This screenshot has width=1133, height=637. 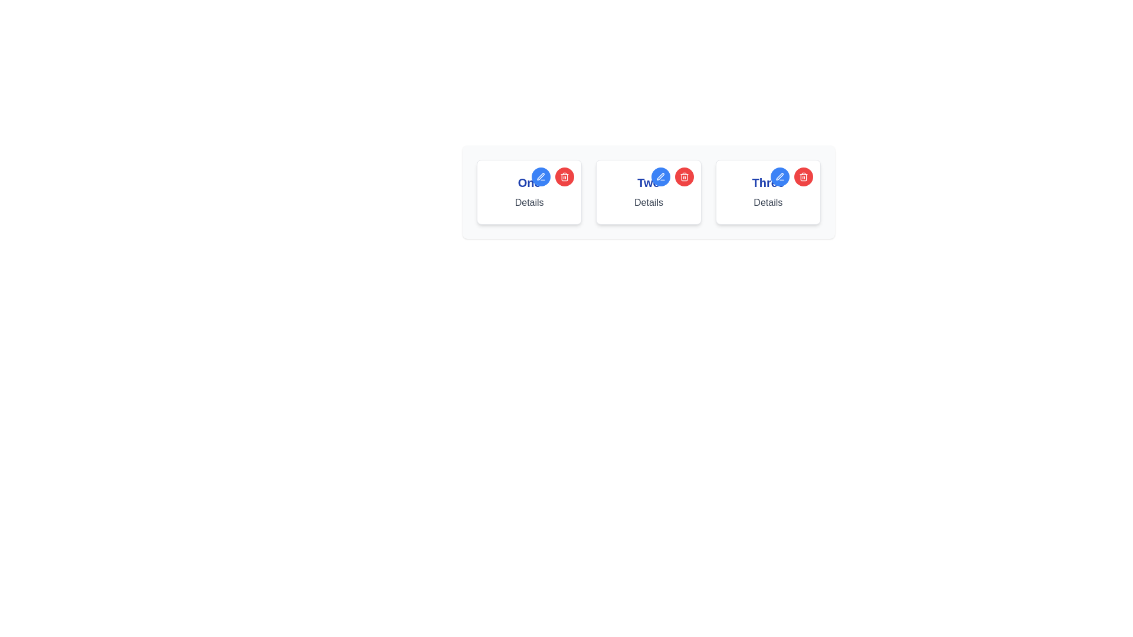 I want to click on the blue circular button with a white pen icon in the top-right corner of the first card, so click(x=541, y=177).